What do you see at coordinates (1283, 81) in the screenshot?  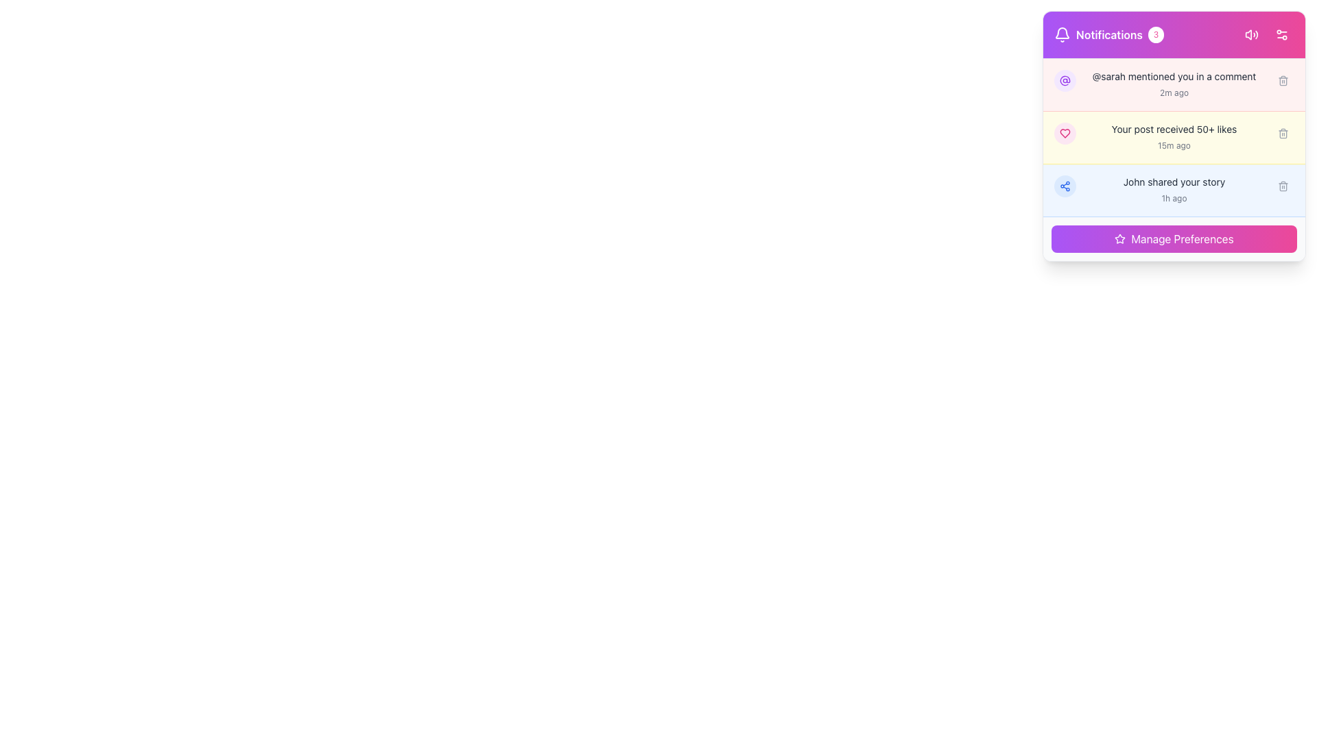 I see `the trash can icon located adjacent to the first notification entry under the 'Notifications' header` at bounding box center [1283, 81].